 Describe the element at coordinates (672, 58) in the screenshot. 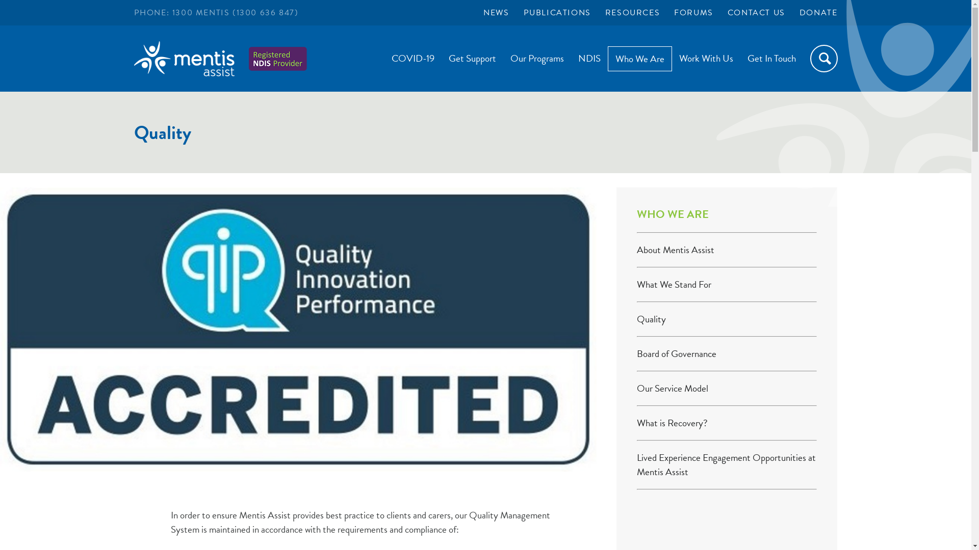

I see `'Work With Us'` at that location.